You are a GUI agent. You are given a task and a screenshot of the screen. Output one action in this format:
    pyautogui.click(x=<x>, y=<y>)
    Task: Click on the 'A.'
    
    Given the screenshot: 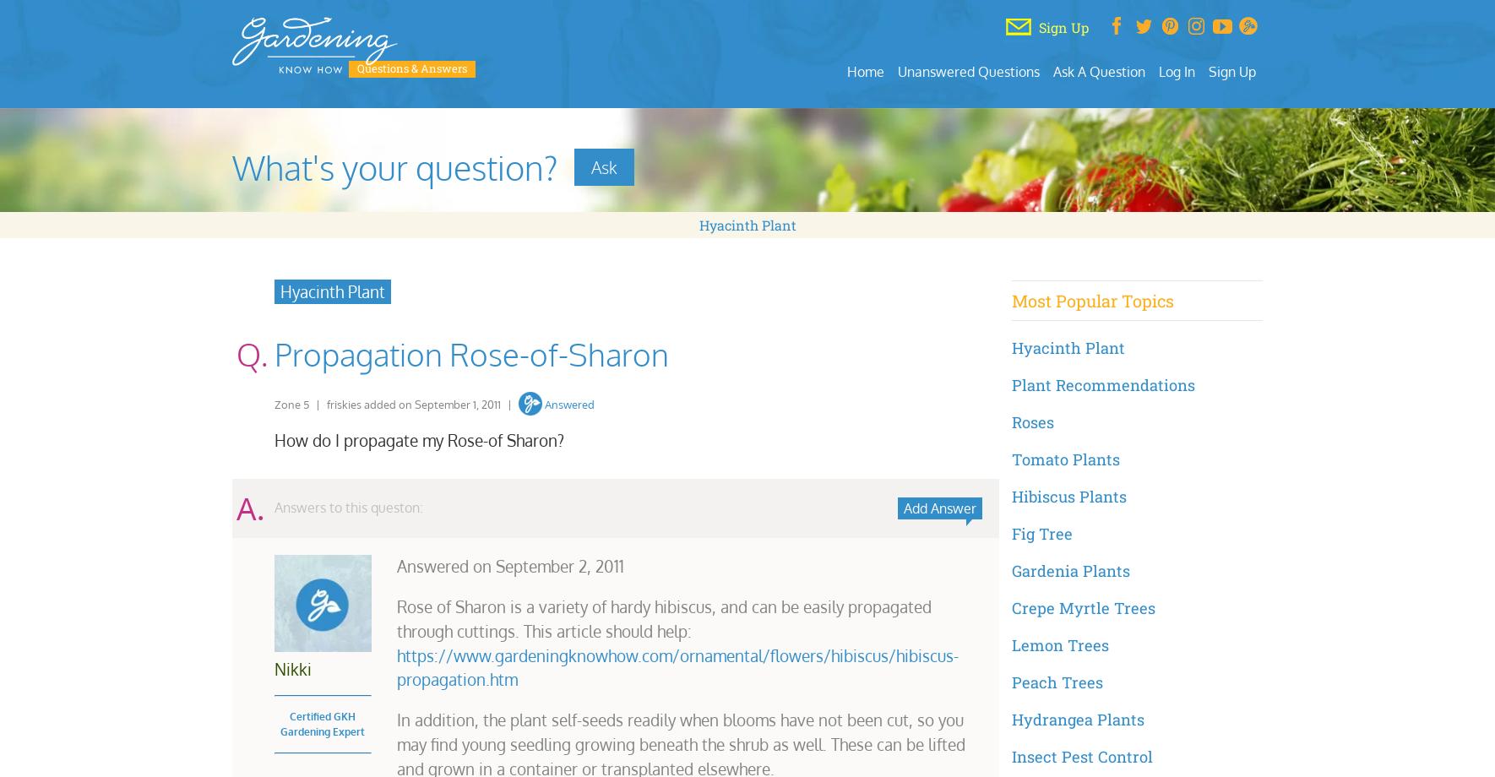 What is the action you would take?
    pyautogui.click(x=249, y=506)
    